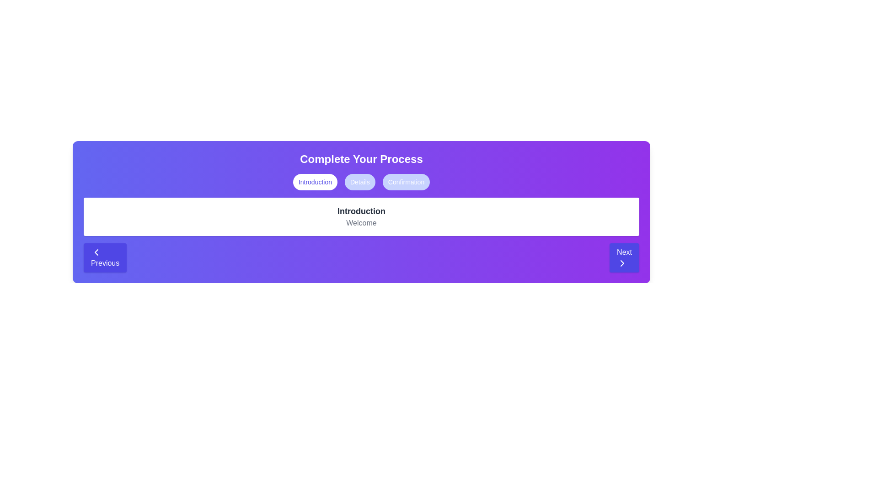 The height and width of the screenshot is (493, 878). Describe the element at coordinates (315, 182) in the screenshot. I see `the pill-shaped button labeled 'Introduction' with a white background and indigo text` at that location.